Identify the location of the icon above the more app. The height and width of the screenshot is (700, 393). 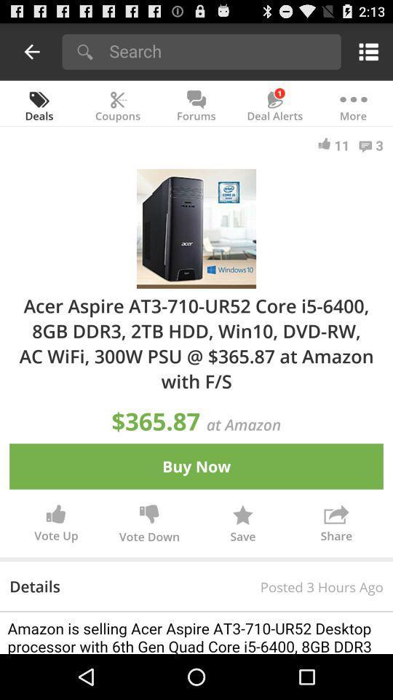
(365, 51).